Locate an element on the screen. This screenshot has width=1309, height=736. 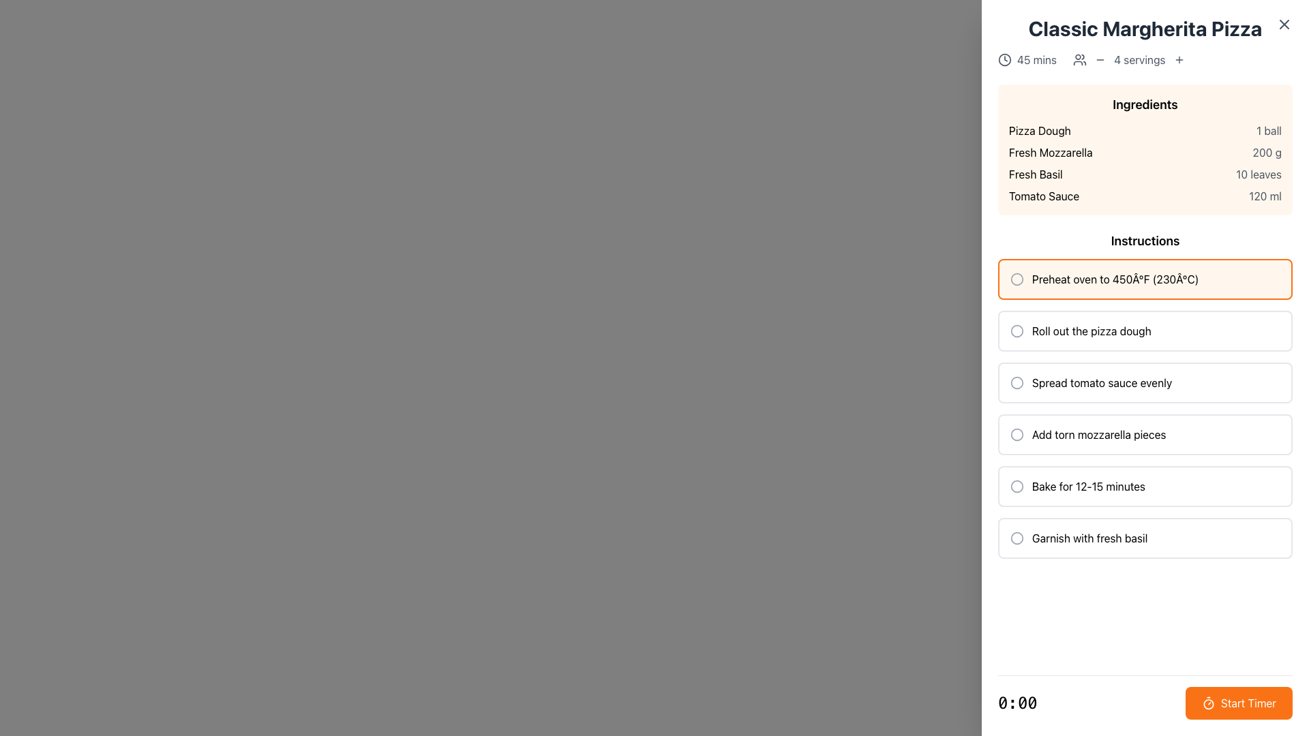
the text label 'Add torn mozzarella pieces' of the checkbox element in the instructions section is located at coordinates (1145, 434).